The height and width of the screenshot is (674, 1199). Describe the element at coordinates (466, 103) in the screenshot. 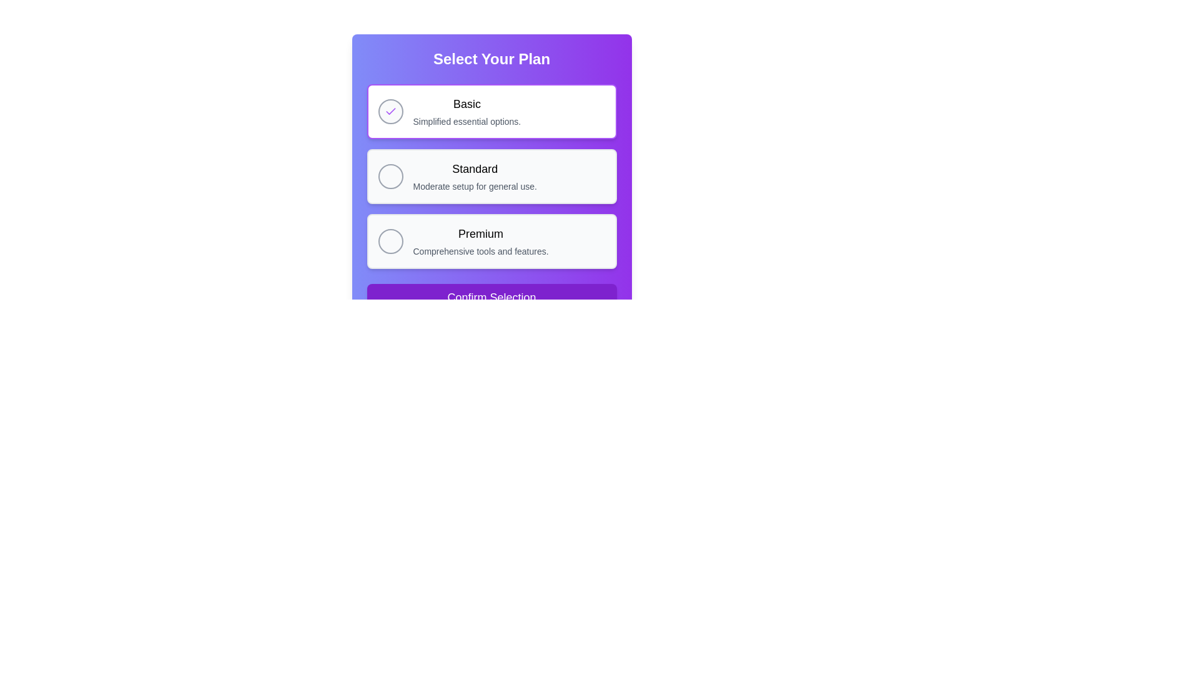

I see `the Text label indicating 'Basic' plan in the selection list, which is positioned slightly to the right of the circle indicator and above the subtitle 'Simplified essential options.'` at that location.